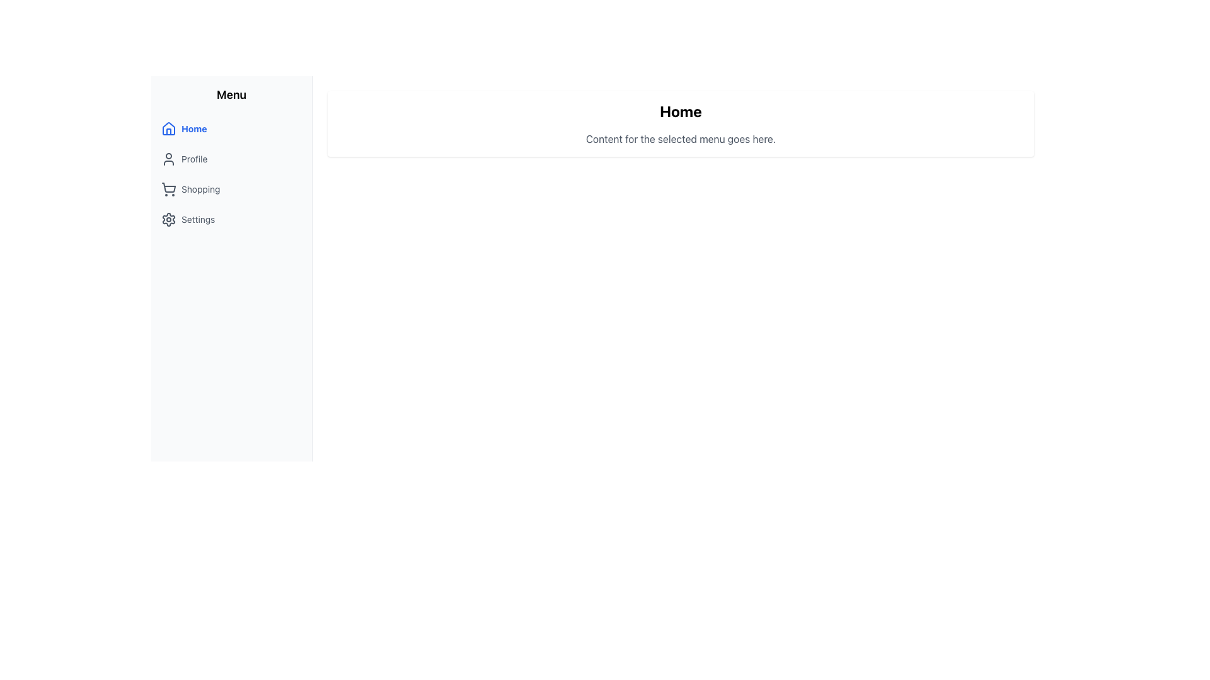  Describe the element at coordinates (680, 139) in the screenshot. I see `the textual description that reads 'Content for the selected menu goes here.', which is styled in gray and located beneath the bold 'Home' title` at that location.